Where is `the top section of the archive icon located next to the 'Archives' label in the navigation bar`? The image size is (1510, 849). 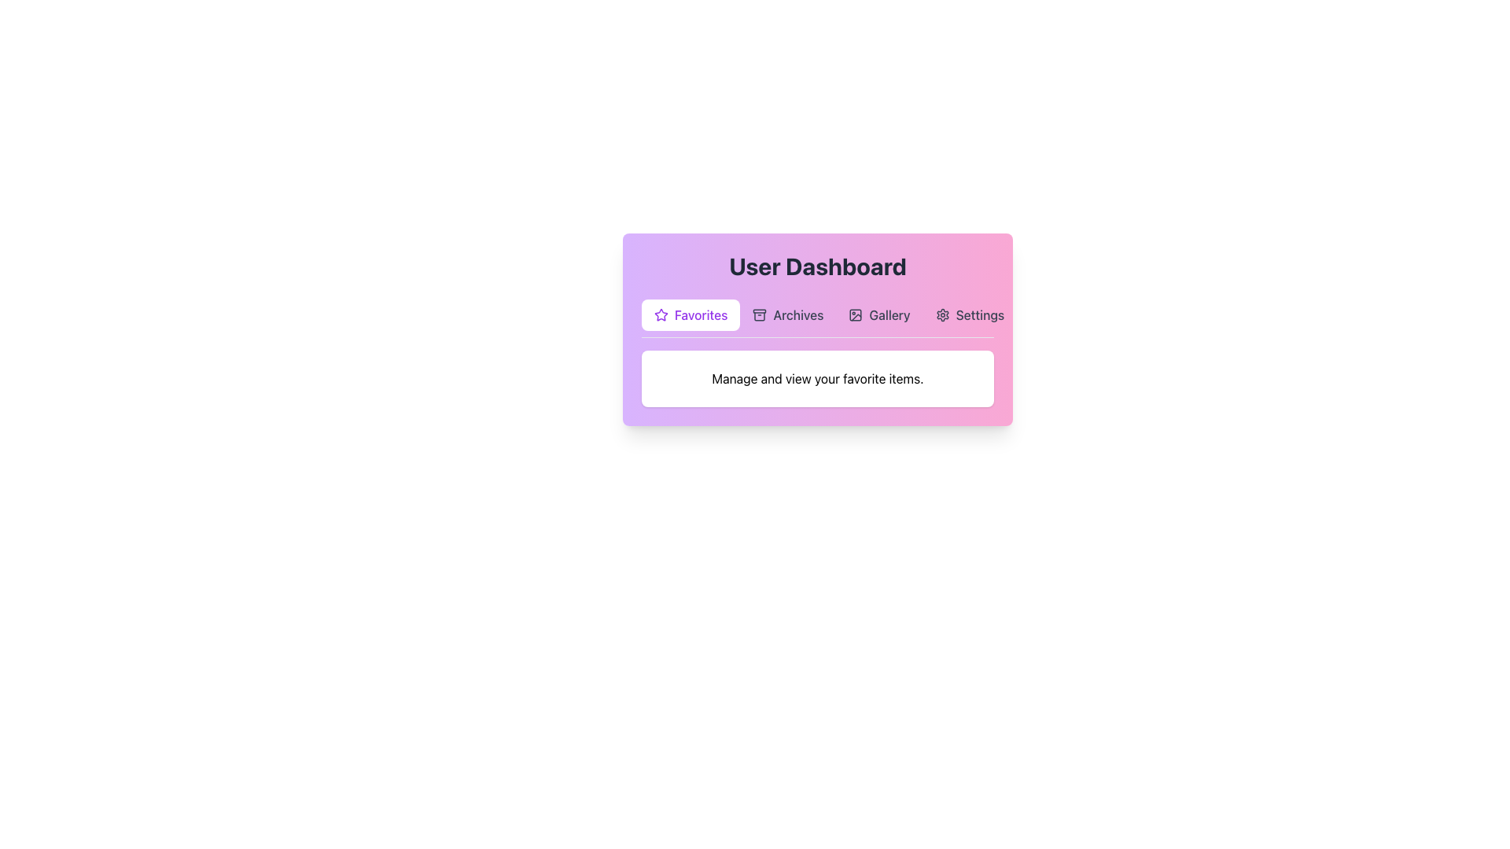 the top section of the archive icon located next to the 'Archives' label in the navigation bar is located at coordinates (760, 311).